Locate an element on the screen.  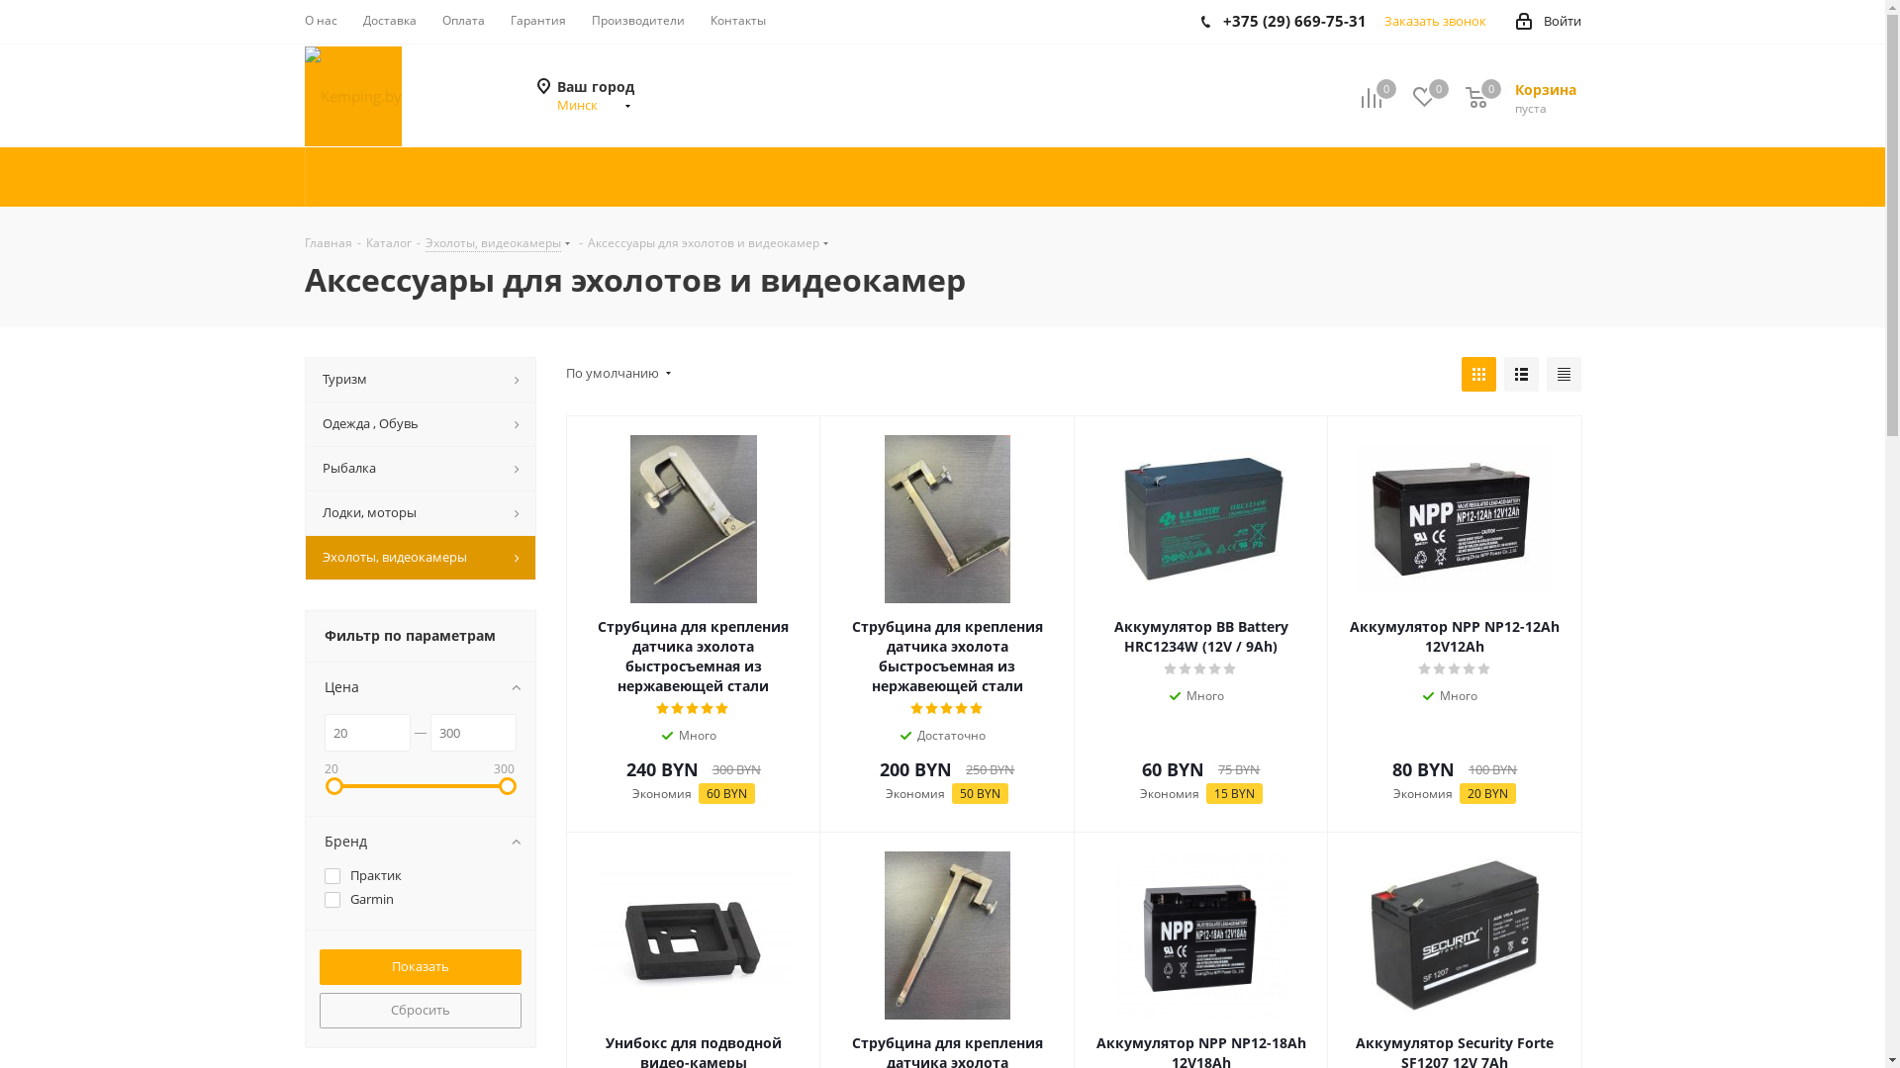
'Kemping.by' is located at coordinates (352, 95).